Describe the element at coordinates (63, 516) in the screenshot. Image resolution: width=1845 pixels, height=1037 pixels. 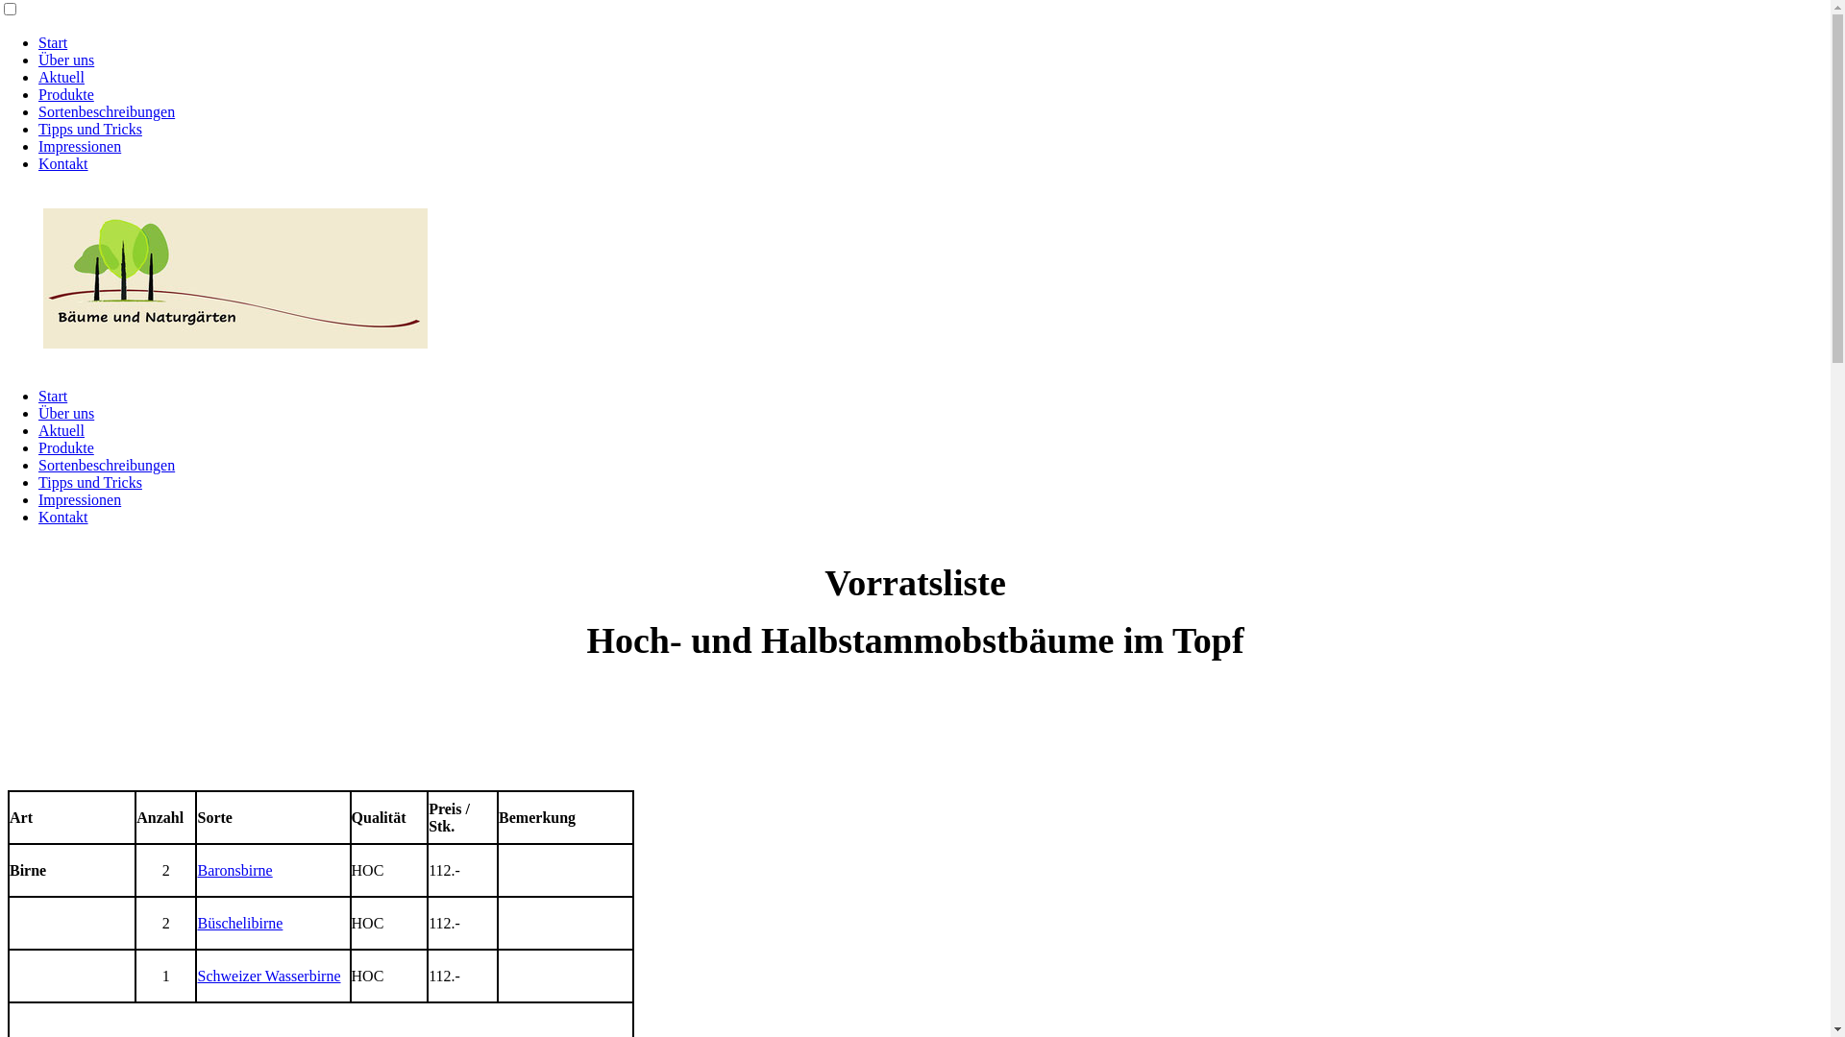
I see `'Kontakt'` at that location.